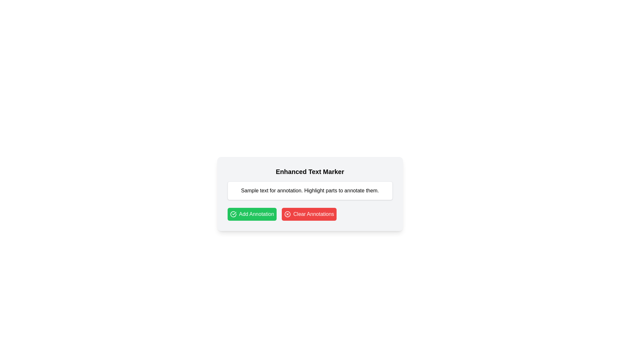 This screenshot has height=348, width=619. Describe the element at coordinates (332, 190) in the screenshot. I see `the lowercase letter 'r' in the text string 'Sample text for annotation. Highlight parts to annotate them.' which is located beneath the title 'Enhanced Text Marker'` at that location.